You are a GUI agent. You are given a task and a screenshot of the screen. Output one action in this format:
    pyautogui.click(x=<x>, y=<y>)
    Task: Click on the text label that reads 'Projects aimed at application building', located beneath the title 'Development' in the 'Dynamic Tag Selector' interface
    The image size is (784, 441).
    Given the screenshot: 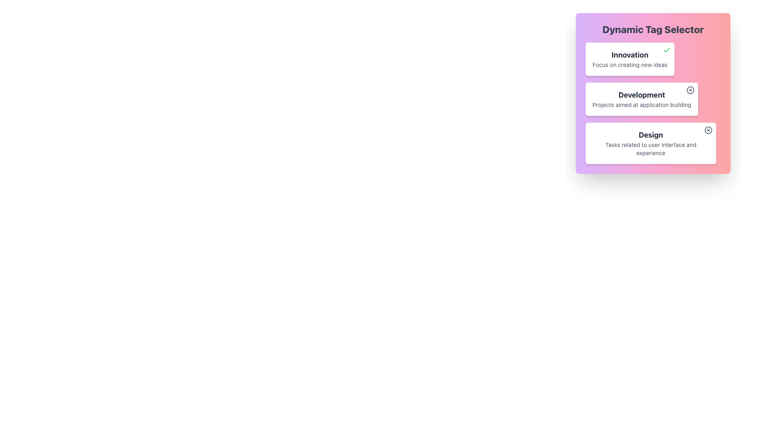 What is the action you would take?
    pyautogui.click(x=641, y=105)
    